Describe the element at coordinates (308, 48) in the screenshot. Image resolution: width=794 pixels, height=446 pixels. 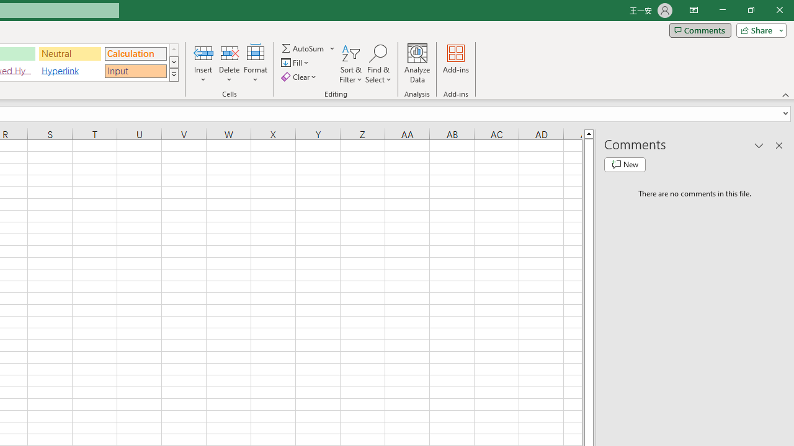
I see `'AutoSum'` at that location.